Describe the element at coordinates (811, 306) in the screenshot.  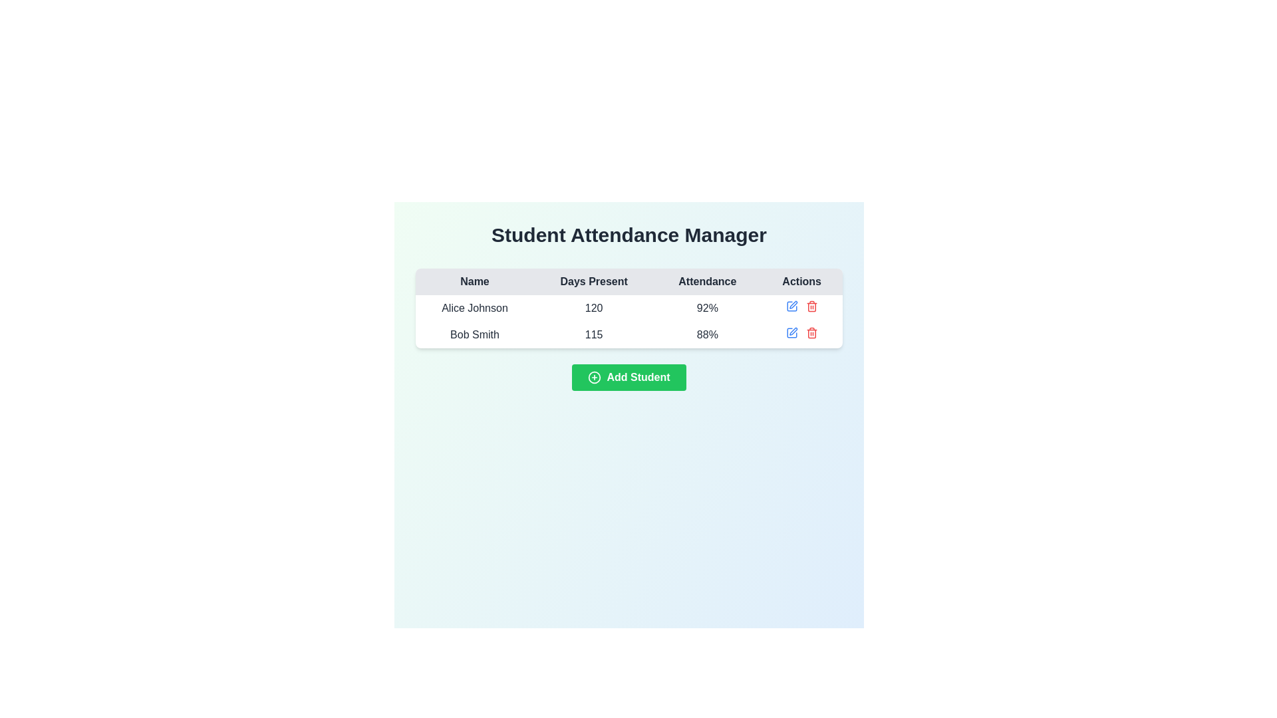
I see `the delete icon button in the 'Actions' column of the 'Student Attendance Manager' table` at that location.